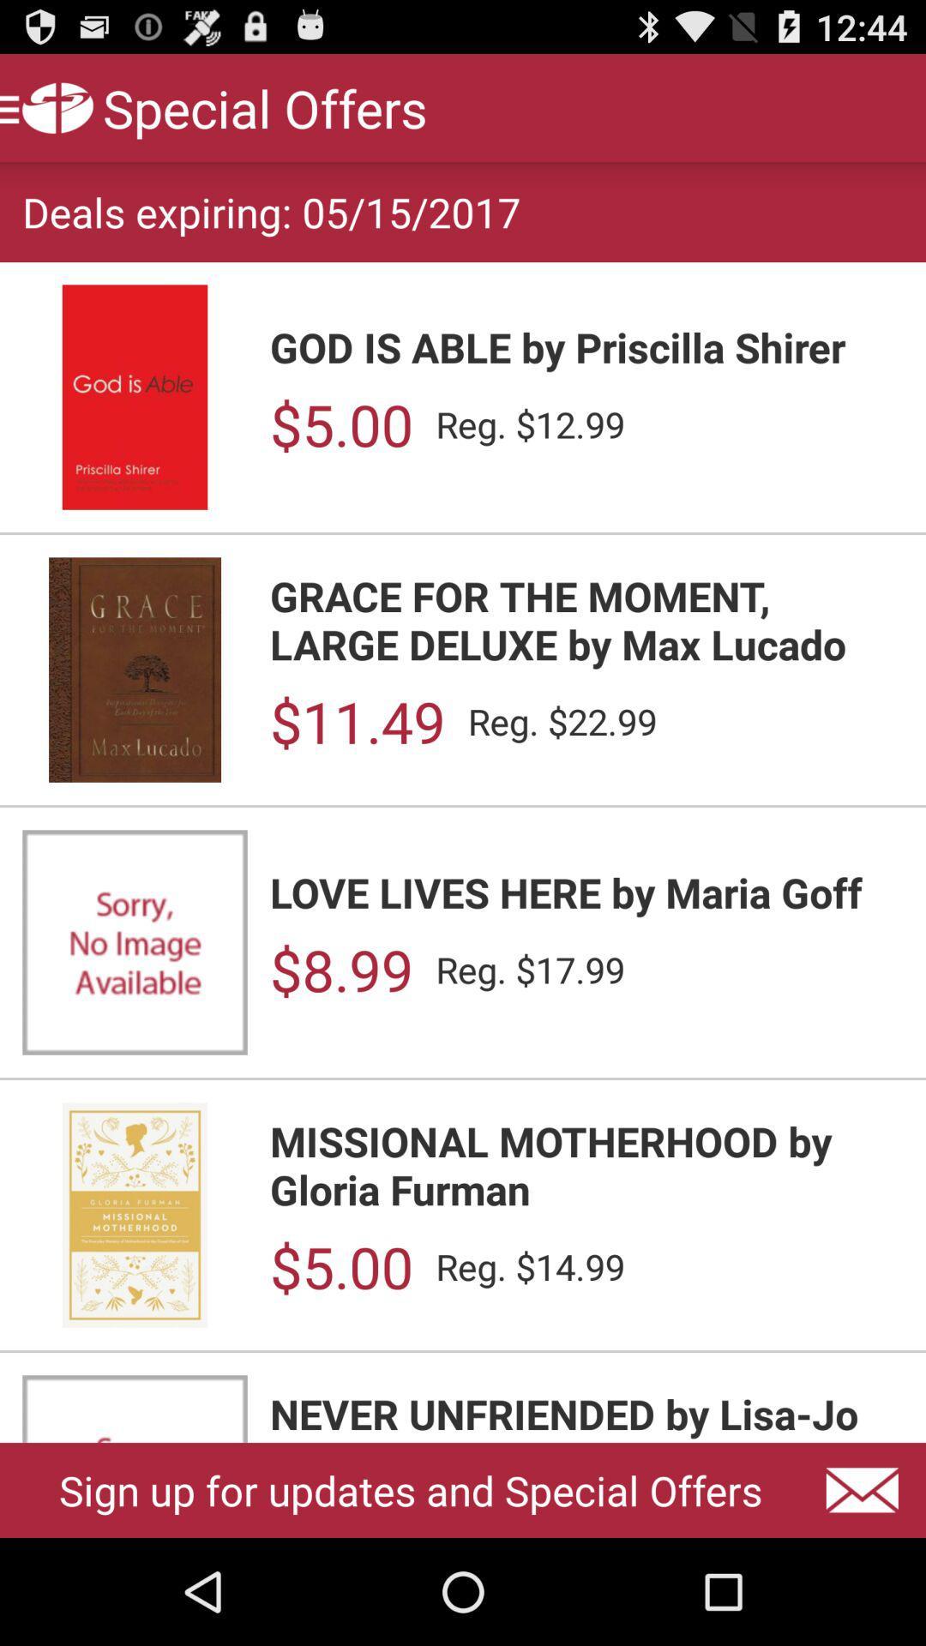 The height and width of the screenshot is (1646, 926). I want to click on never unfriended by app, so click(586, 1415).